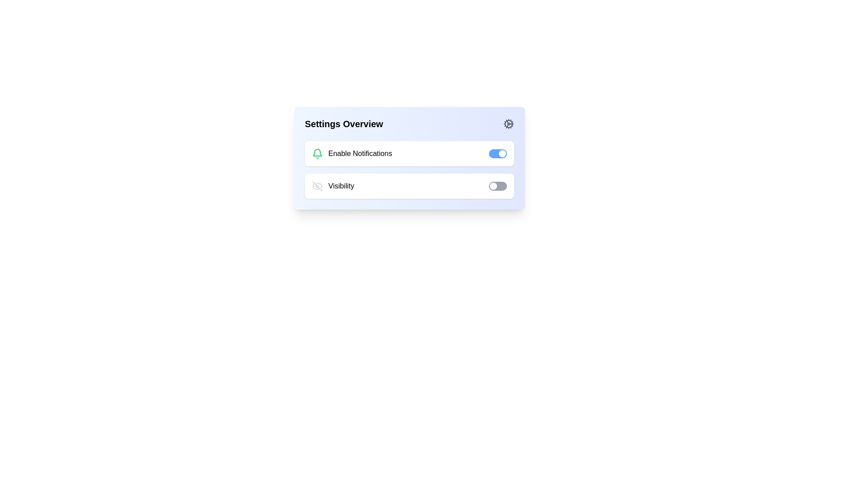 The width and height of the screenshot is (866, 487). Describe the element at coordinates (470, 153) in the screenshot. I see `the circular thumb of the toggle switch from the right end` at that location.